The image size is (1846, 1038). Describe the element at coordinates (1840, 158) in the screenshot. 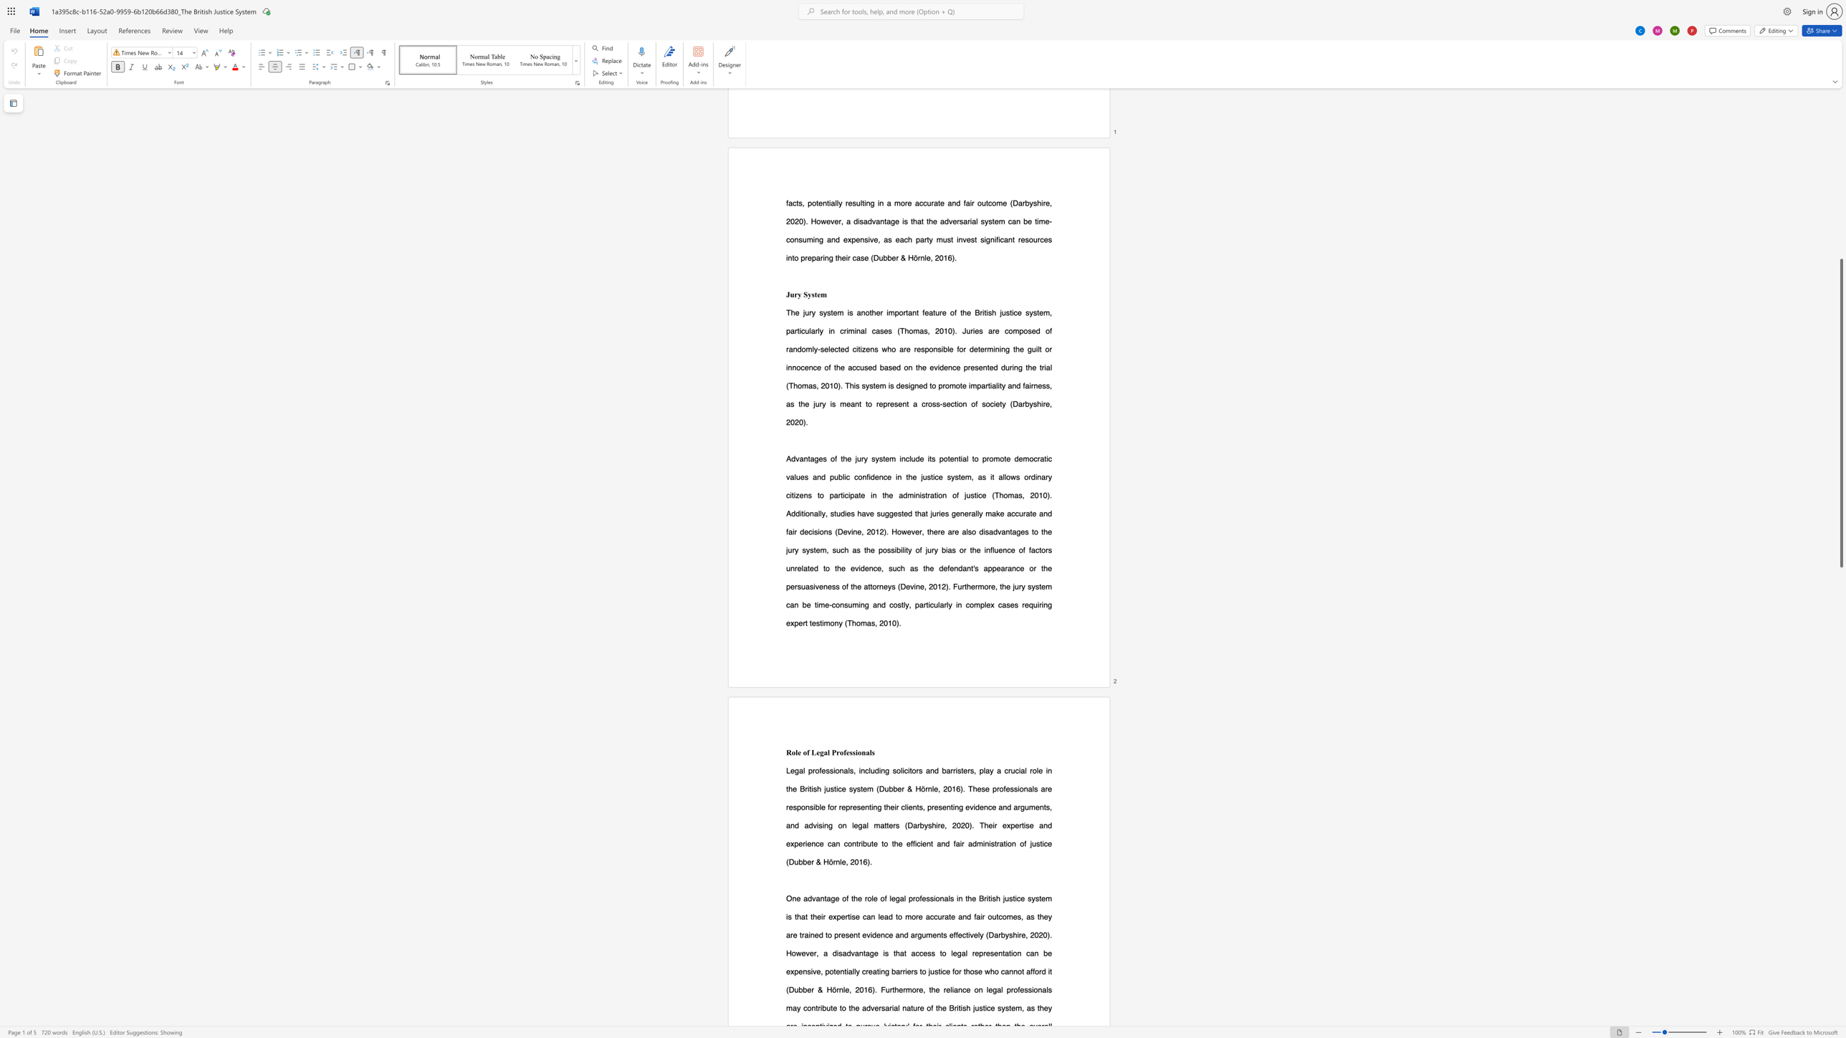

I see `the scrollbar` at that location.